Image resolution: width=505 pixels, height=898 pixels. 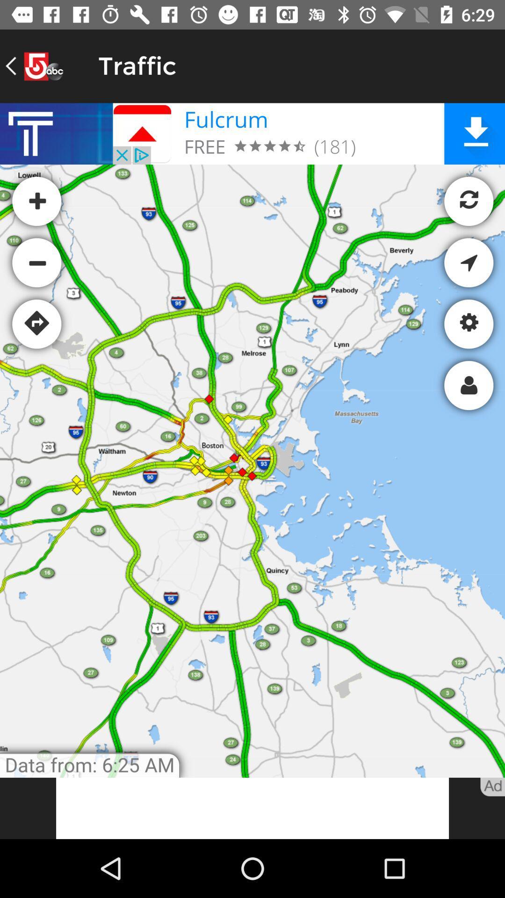 I want to click on click the space bar, so click(x=252, y=808).